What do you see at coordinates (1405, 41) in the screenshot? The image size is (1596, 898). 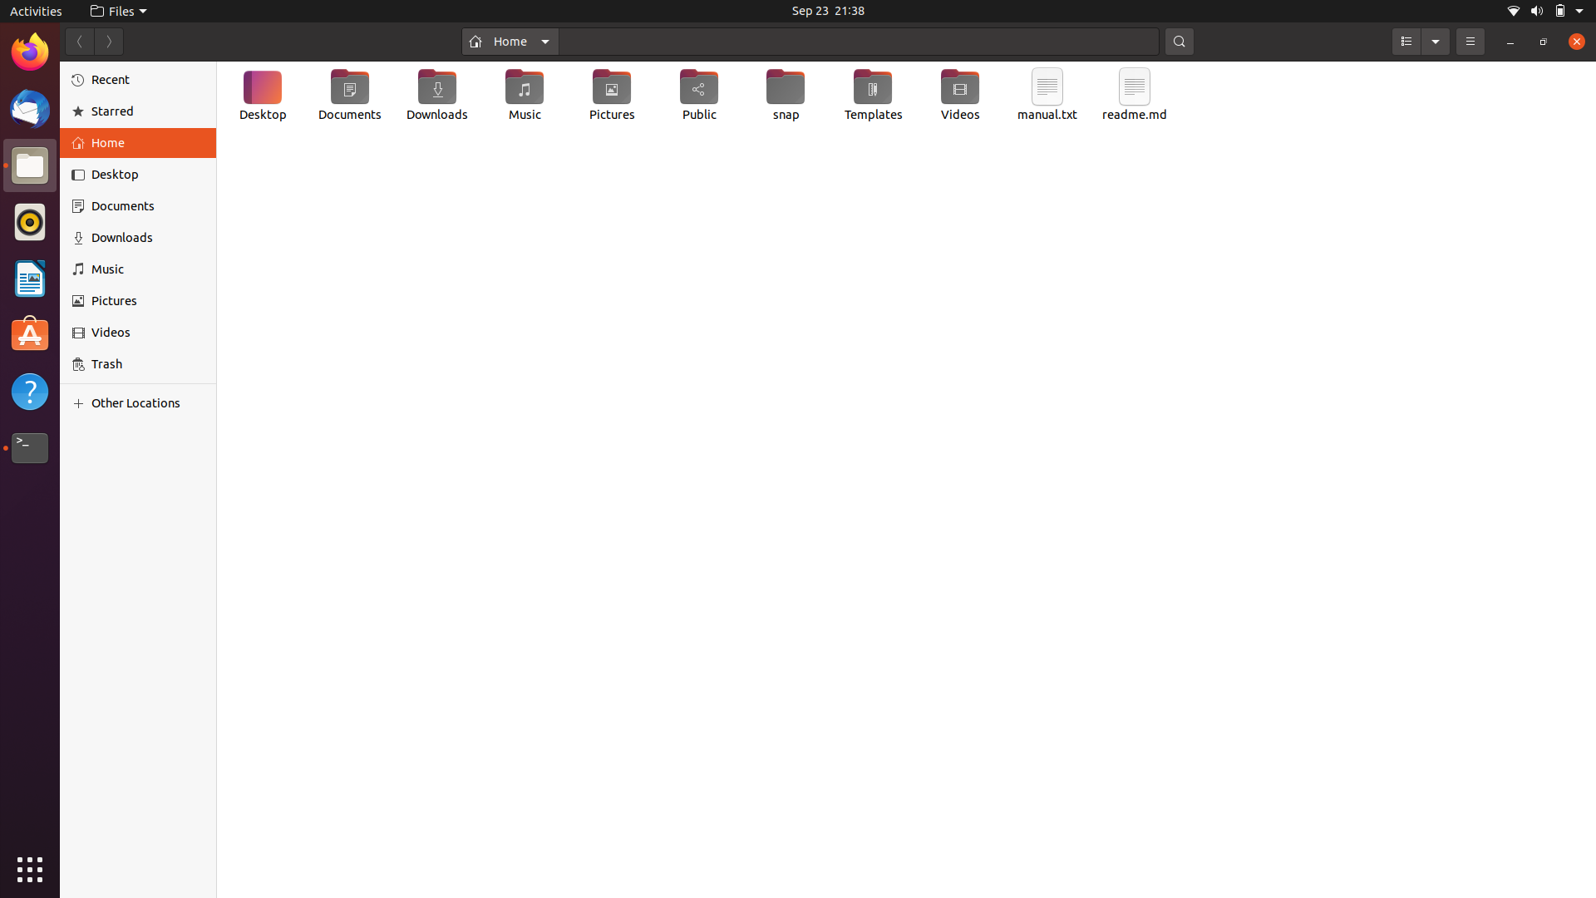 I see `Change the display preference to "List View` at bounding box center [1405, 41].